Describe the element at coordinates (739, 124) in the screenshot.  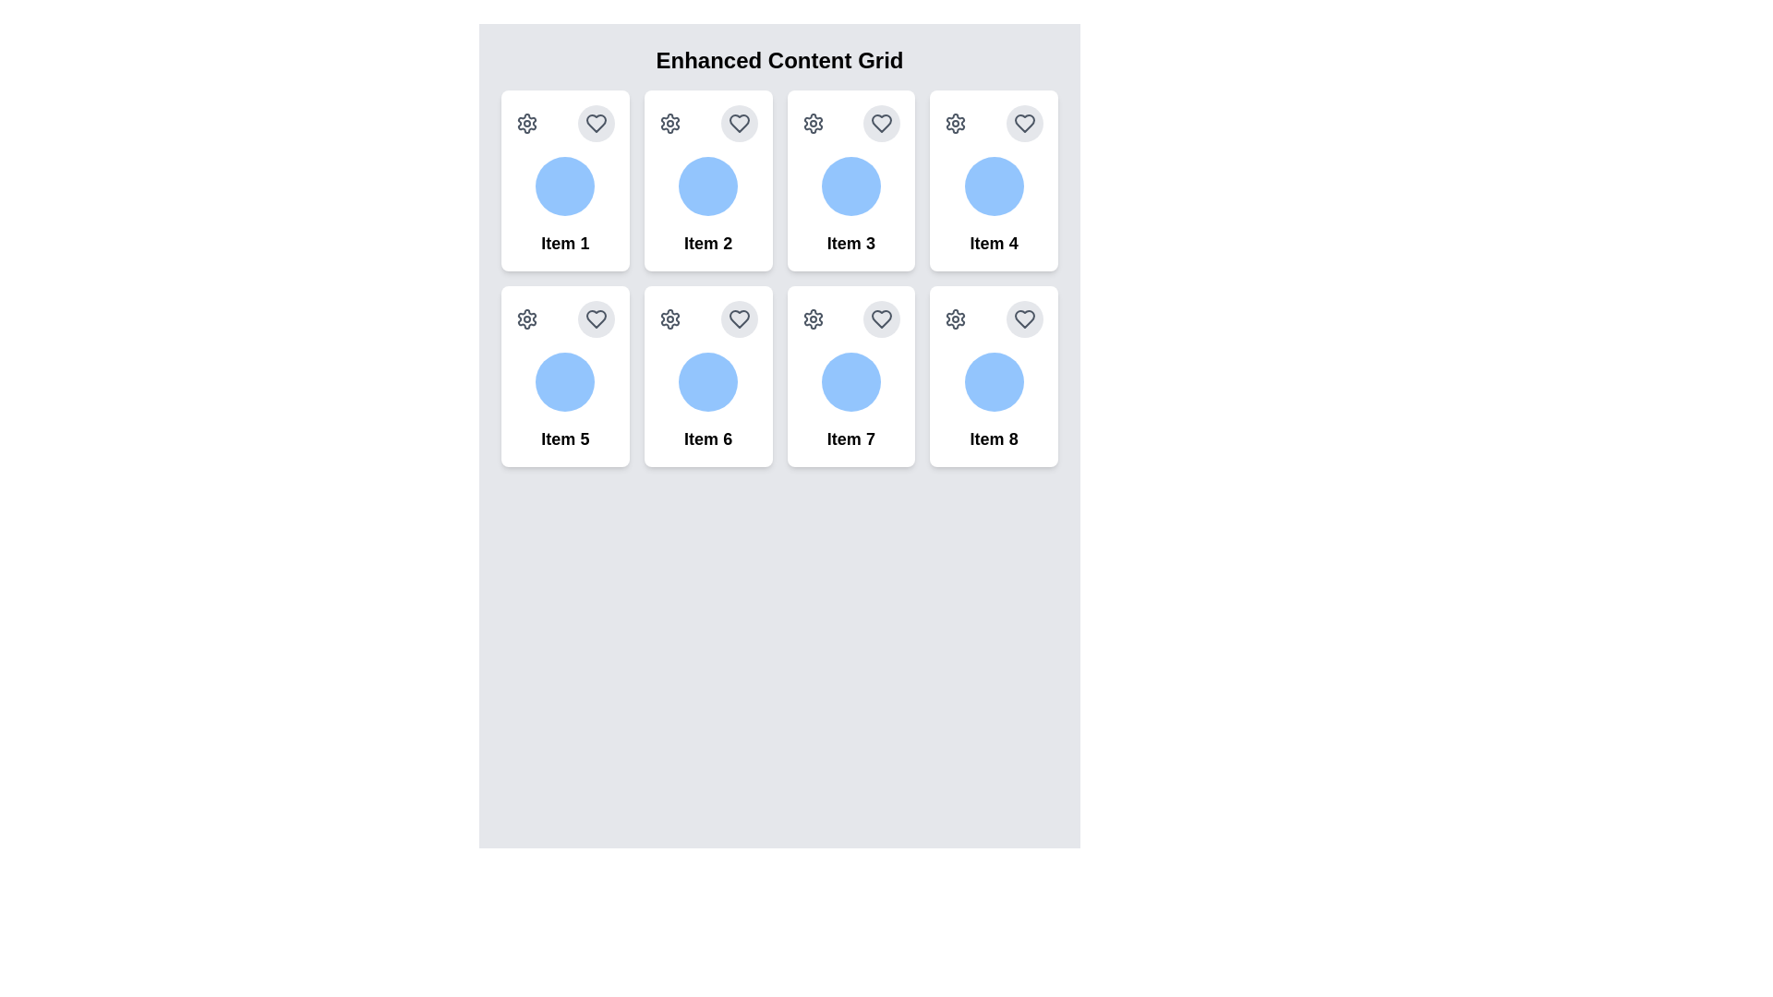
I see `the heart icon with an outlined design located in the upper right corner of the card labeled 'Item 2'` at that location.